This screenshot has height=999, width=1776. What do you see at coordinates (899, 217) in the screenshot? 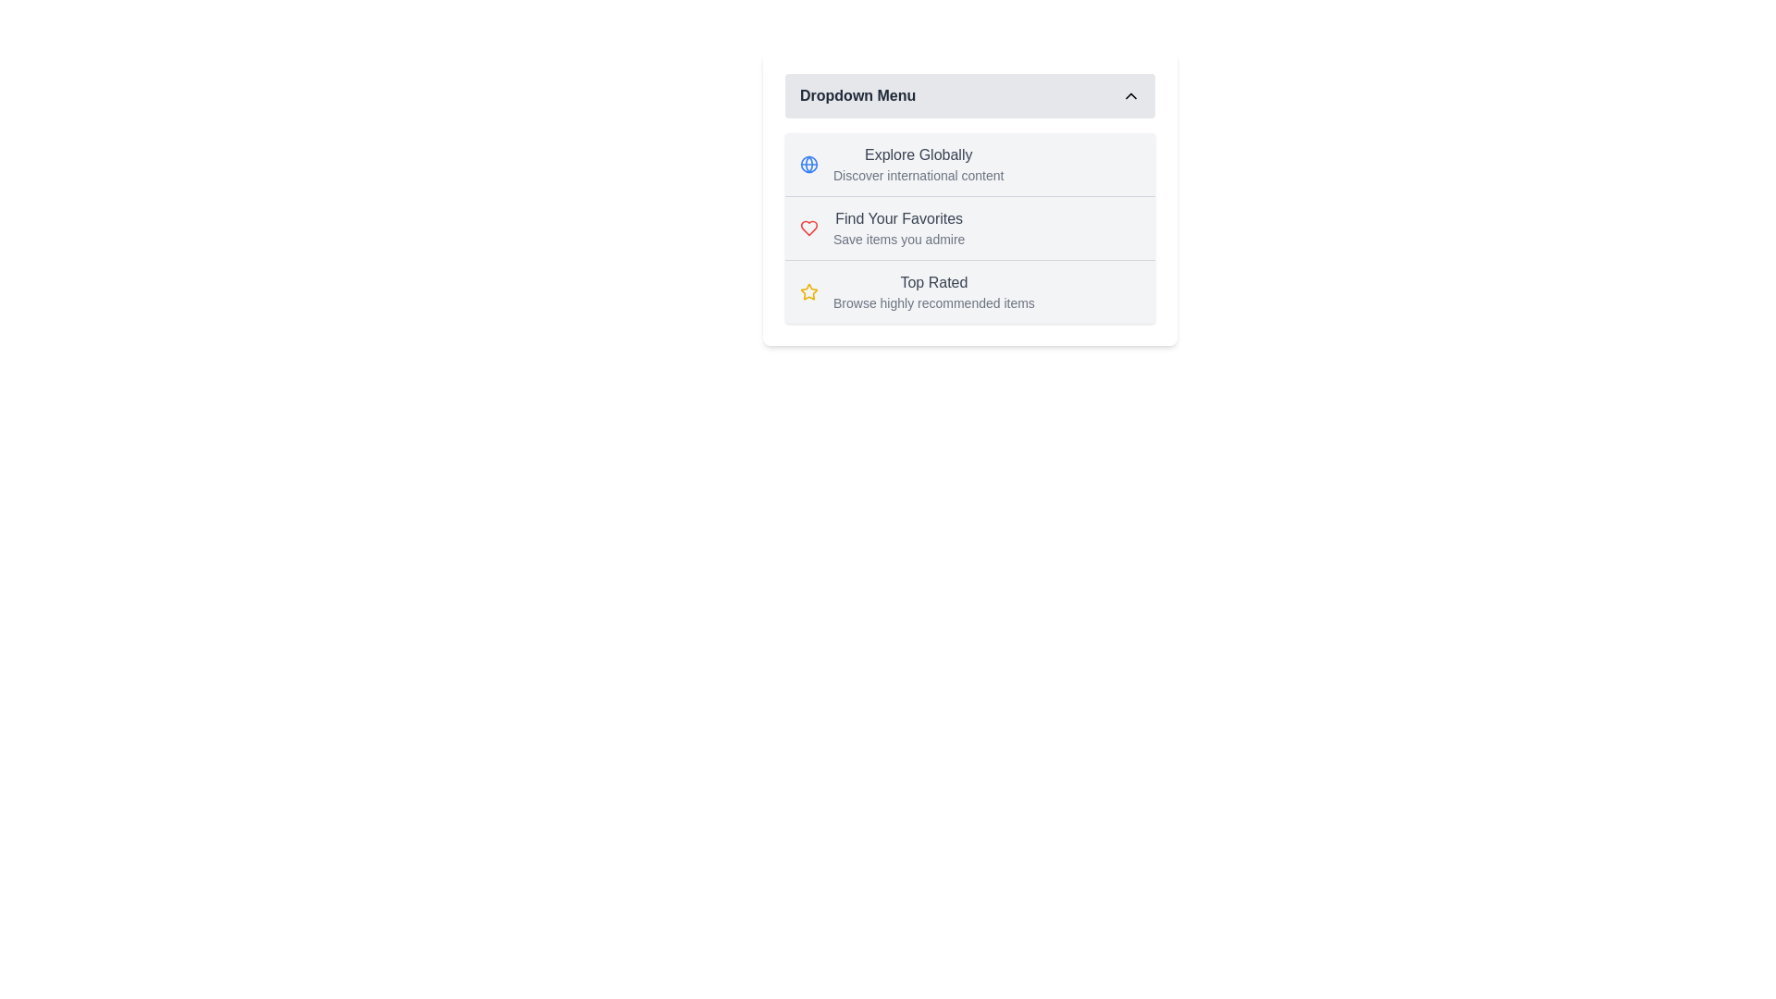
I see `the text label indicating the second item in the dropdown menu, which relates to finding and saving items` at bounding box center [899, 217].